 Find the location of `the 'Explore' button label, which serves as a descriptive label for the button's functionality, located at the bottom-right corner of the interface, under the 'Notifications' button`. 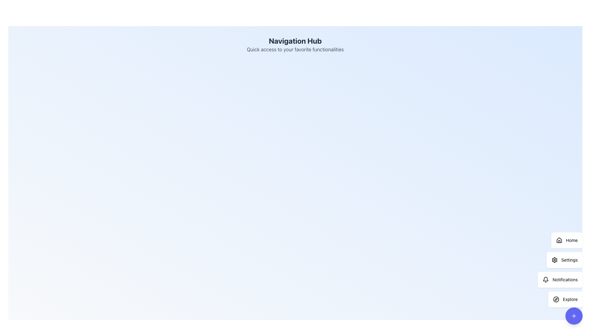

the 'Explore' button label, which serves as a descriptive label for the button's functionality, located at the bottom-right corner of the interface, under the 'Notifications' button is located at coordinates (570, 299).